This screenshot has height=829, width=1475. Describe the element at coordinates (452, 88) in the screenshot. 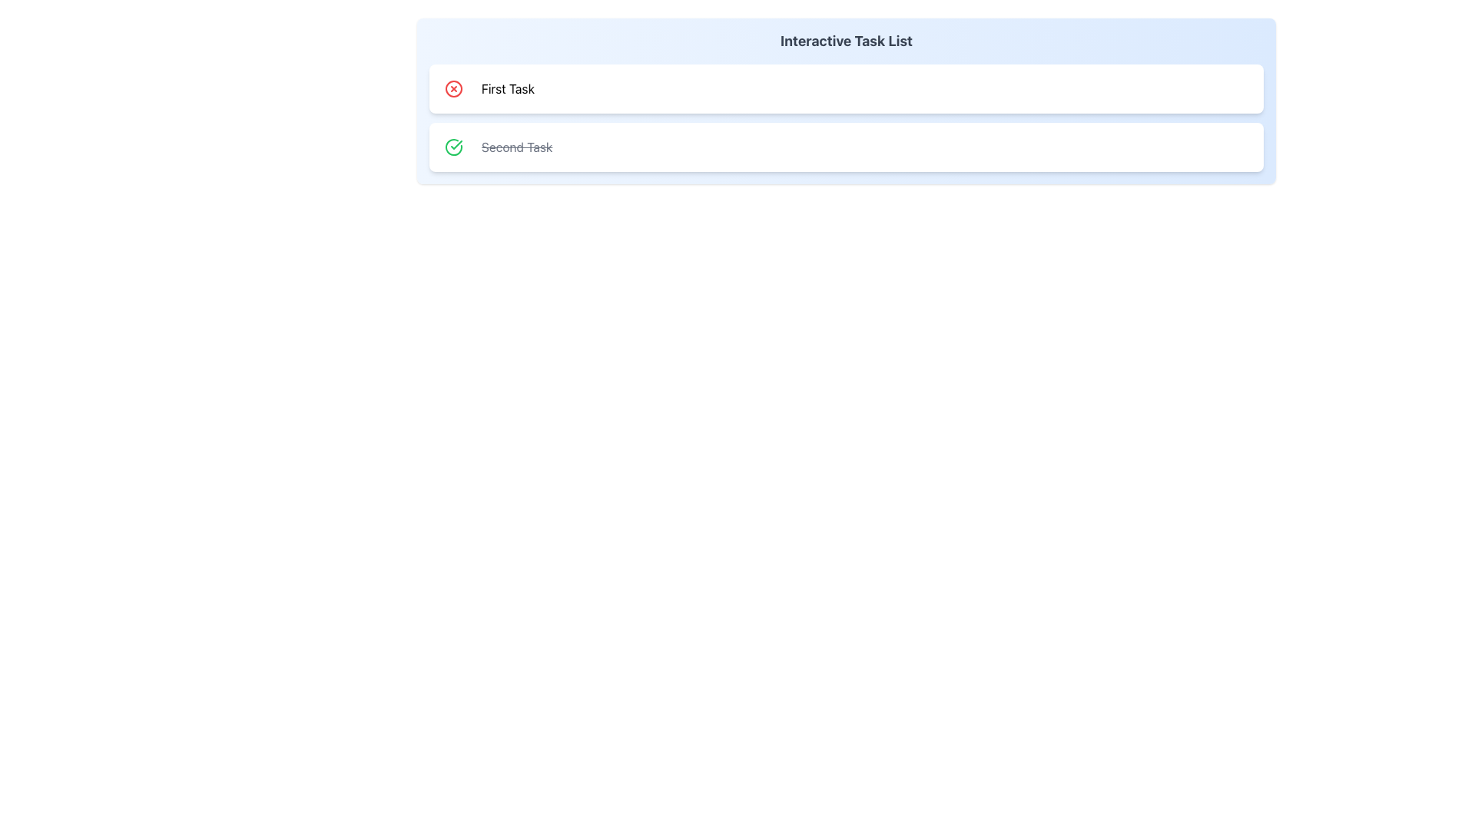

I see `the deletion or cancellation icon located to the left of the 'First Task' text in the top task item of the vertical list view` at that location.